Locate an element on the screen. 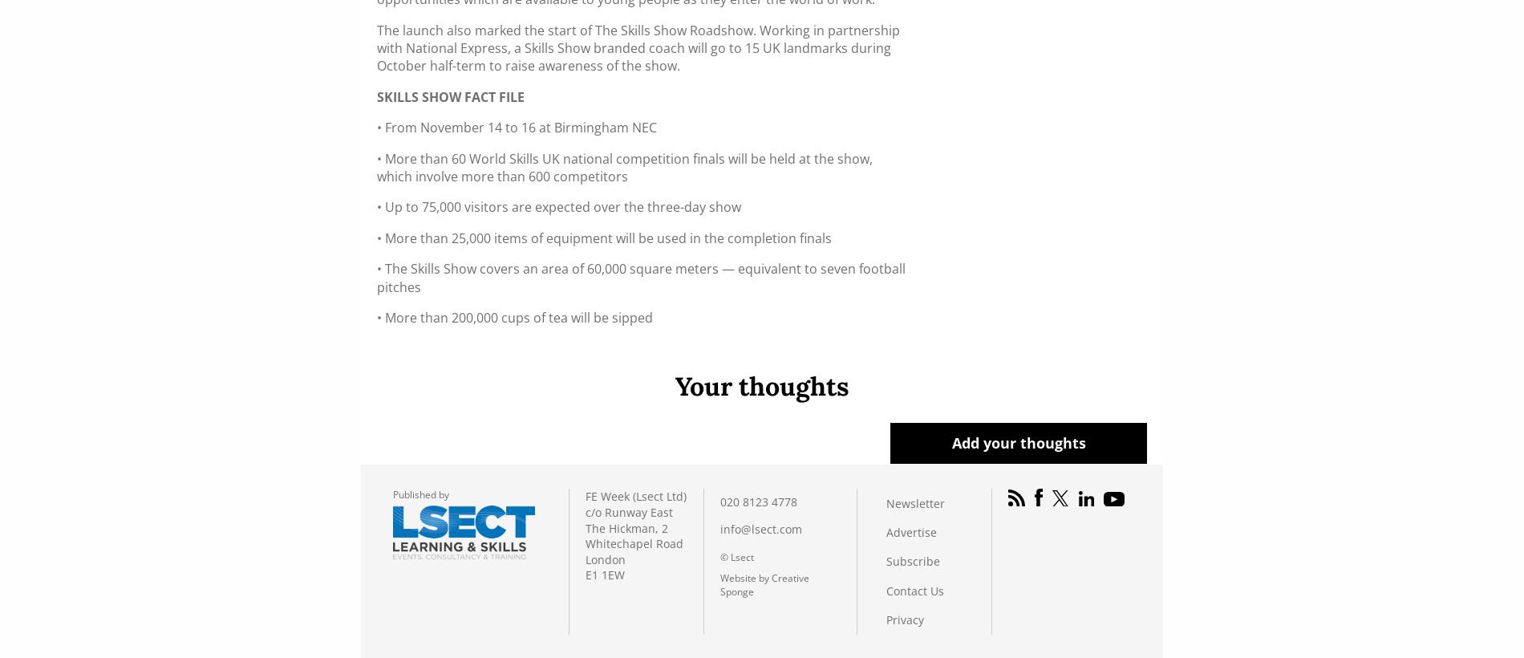 The image size is (1524, 658). '• From November 14 to 16 at Birmingham NEC' is located at coordinates (376, 127).